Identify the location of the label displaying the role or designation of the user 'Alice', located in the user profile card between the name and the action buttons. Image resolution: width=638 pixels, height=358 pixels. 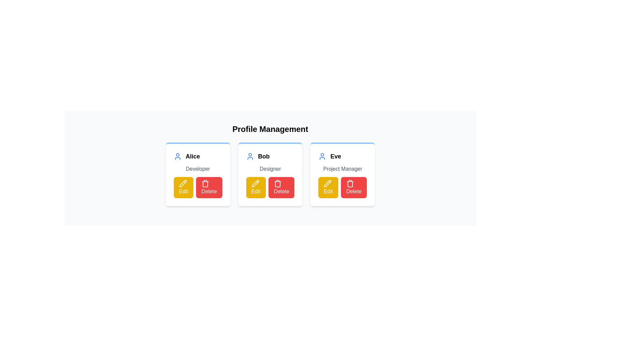
(197, 168).